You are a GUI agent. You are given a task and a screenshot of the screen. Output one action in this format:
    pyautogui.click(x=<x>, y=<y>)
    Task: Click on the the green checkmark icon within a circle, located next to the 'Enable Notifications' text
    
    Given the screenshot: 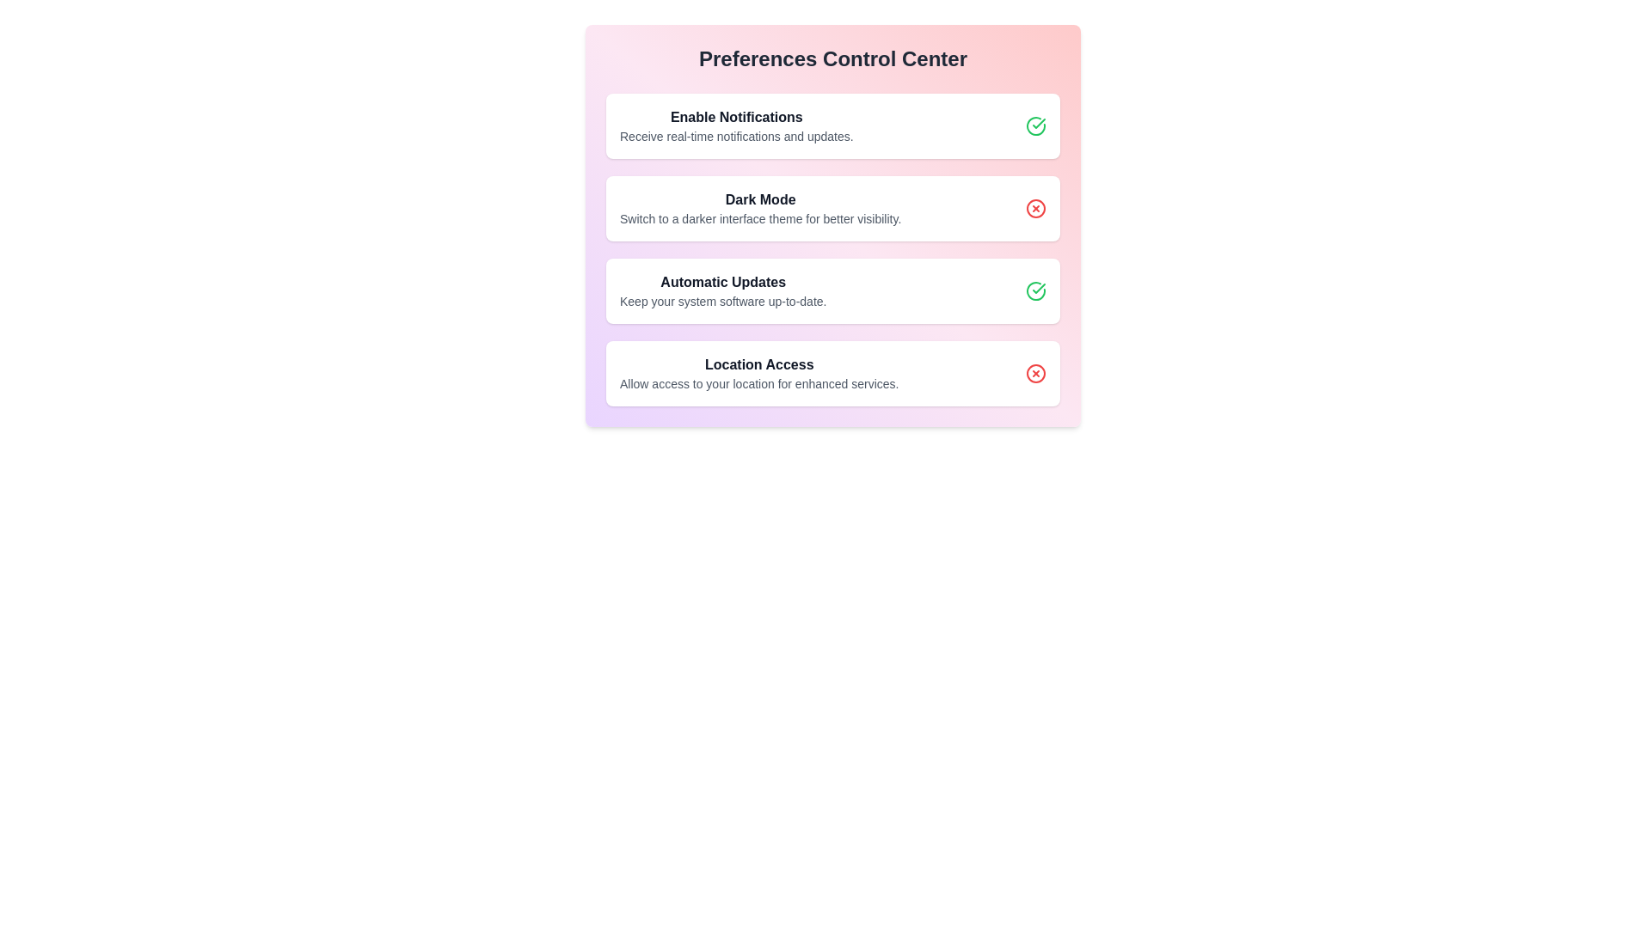 What is the action you would take?
    pyautogui.click(x=1034, y=125)
    